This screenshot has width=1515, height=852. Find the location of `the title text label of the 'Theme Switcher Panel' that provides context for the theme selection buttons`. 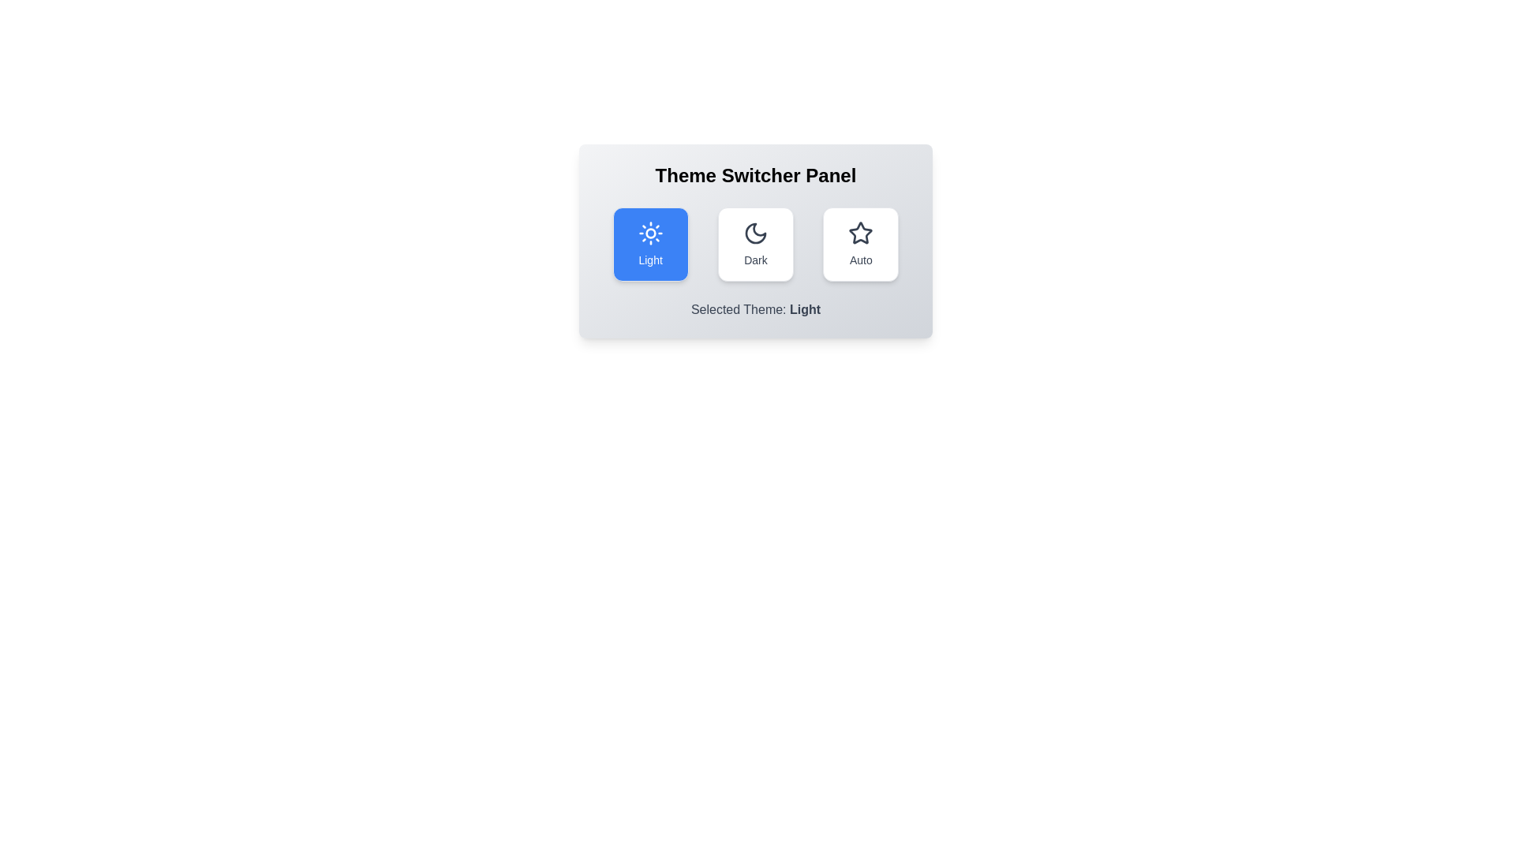

the title text label of the 'Theme Switcher Panel' that provides context for the theme selection buttons is located at coordinates (755, 176).